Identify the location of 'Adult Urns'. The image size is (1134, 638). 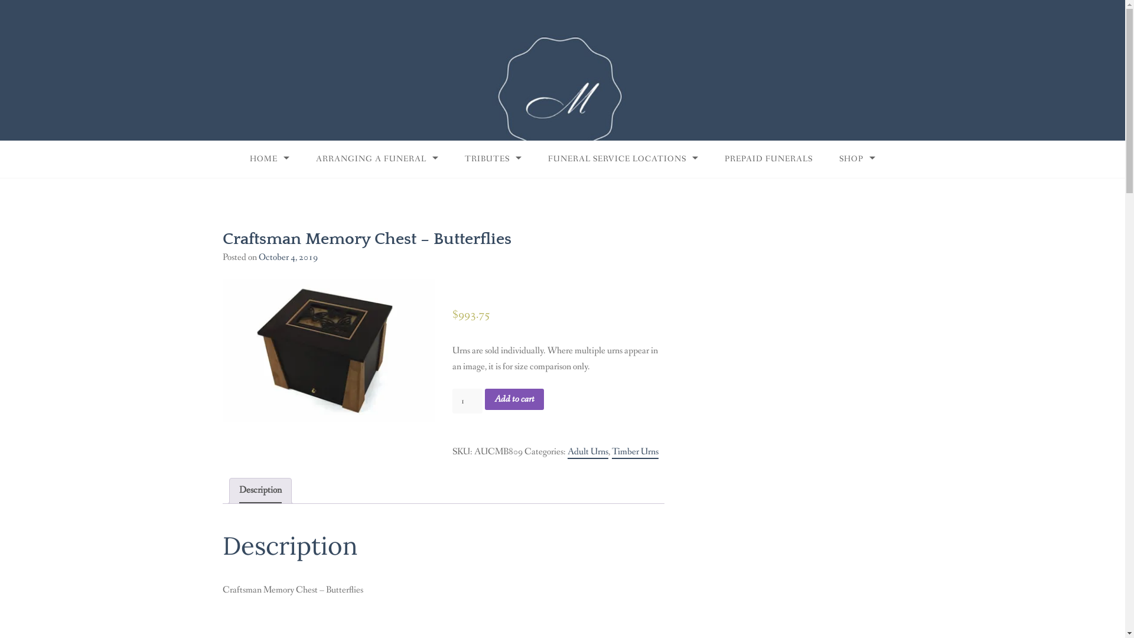
(588, 452).